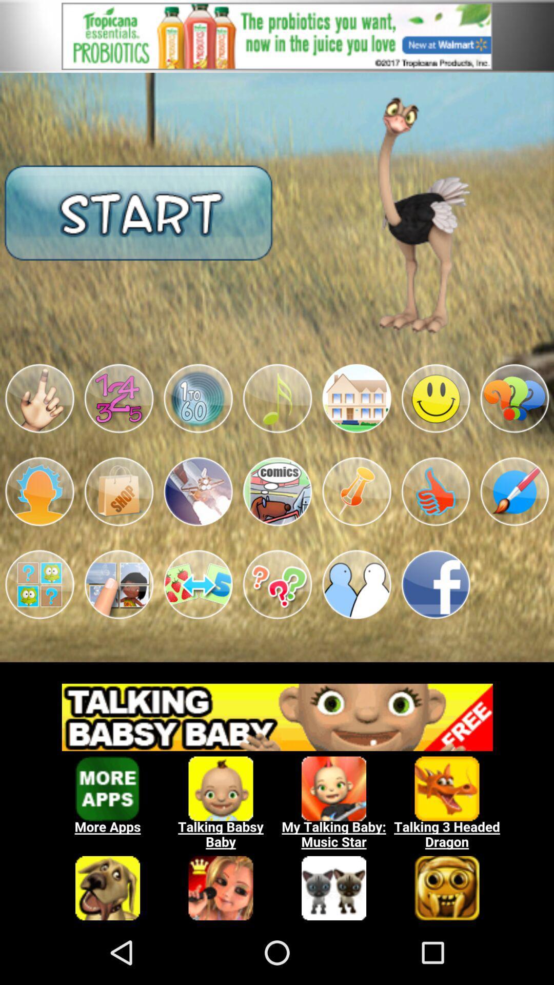 The image size is (554, 985). Describe the element at coordinates (356, 584) in the screenshot. I see `app` at that location.